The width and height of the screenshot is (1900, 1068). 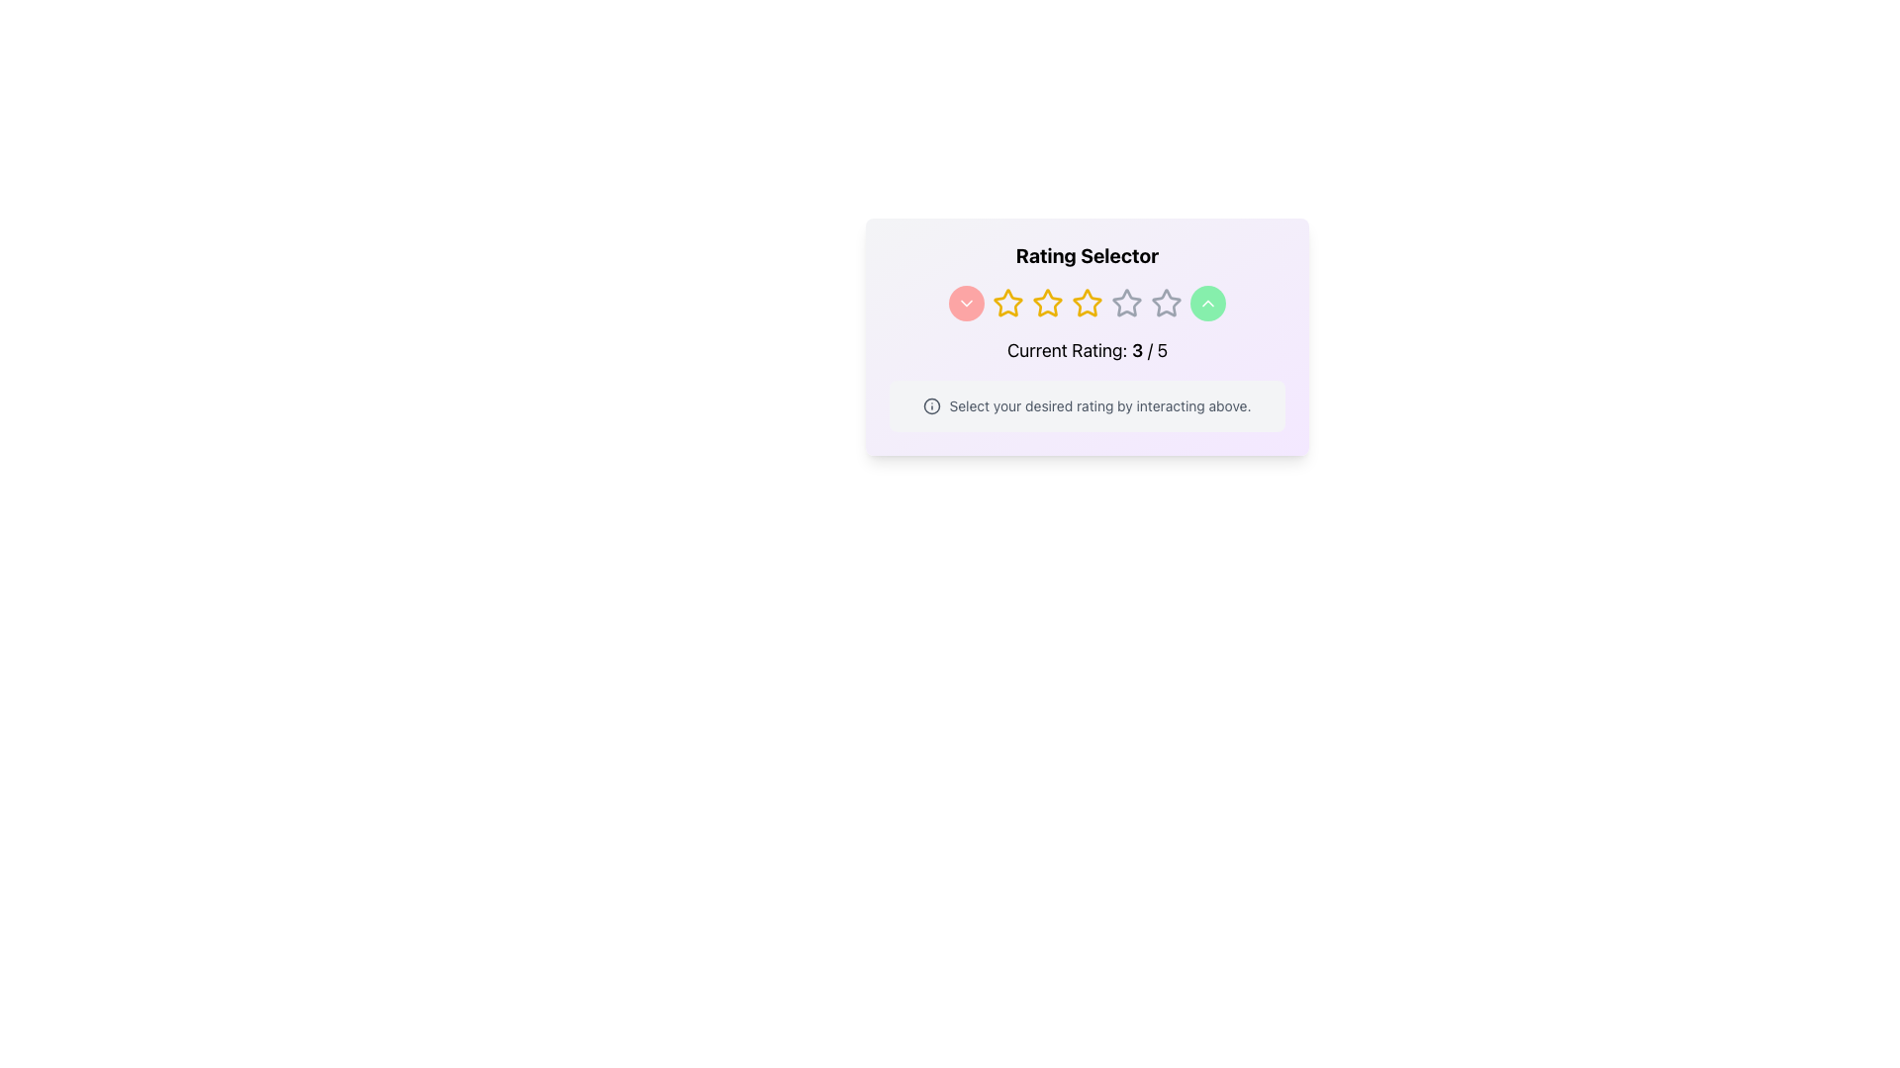 I want to click on the third star icon in the rating component, so click(x=1126, y=303).